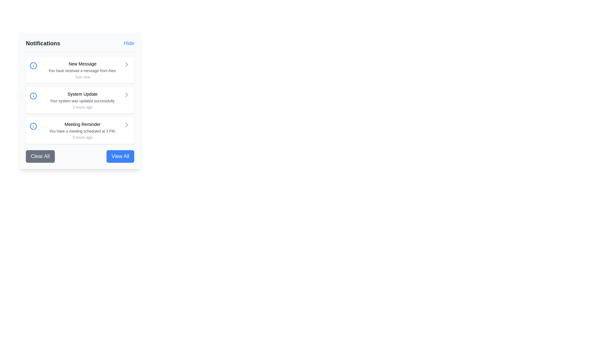  Describe the element at coordinates (82, 64) in the screenshot. I see `the Text element displaying 'New Message' which is the title of the notification in the sidebar` at that location.